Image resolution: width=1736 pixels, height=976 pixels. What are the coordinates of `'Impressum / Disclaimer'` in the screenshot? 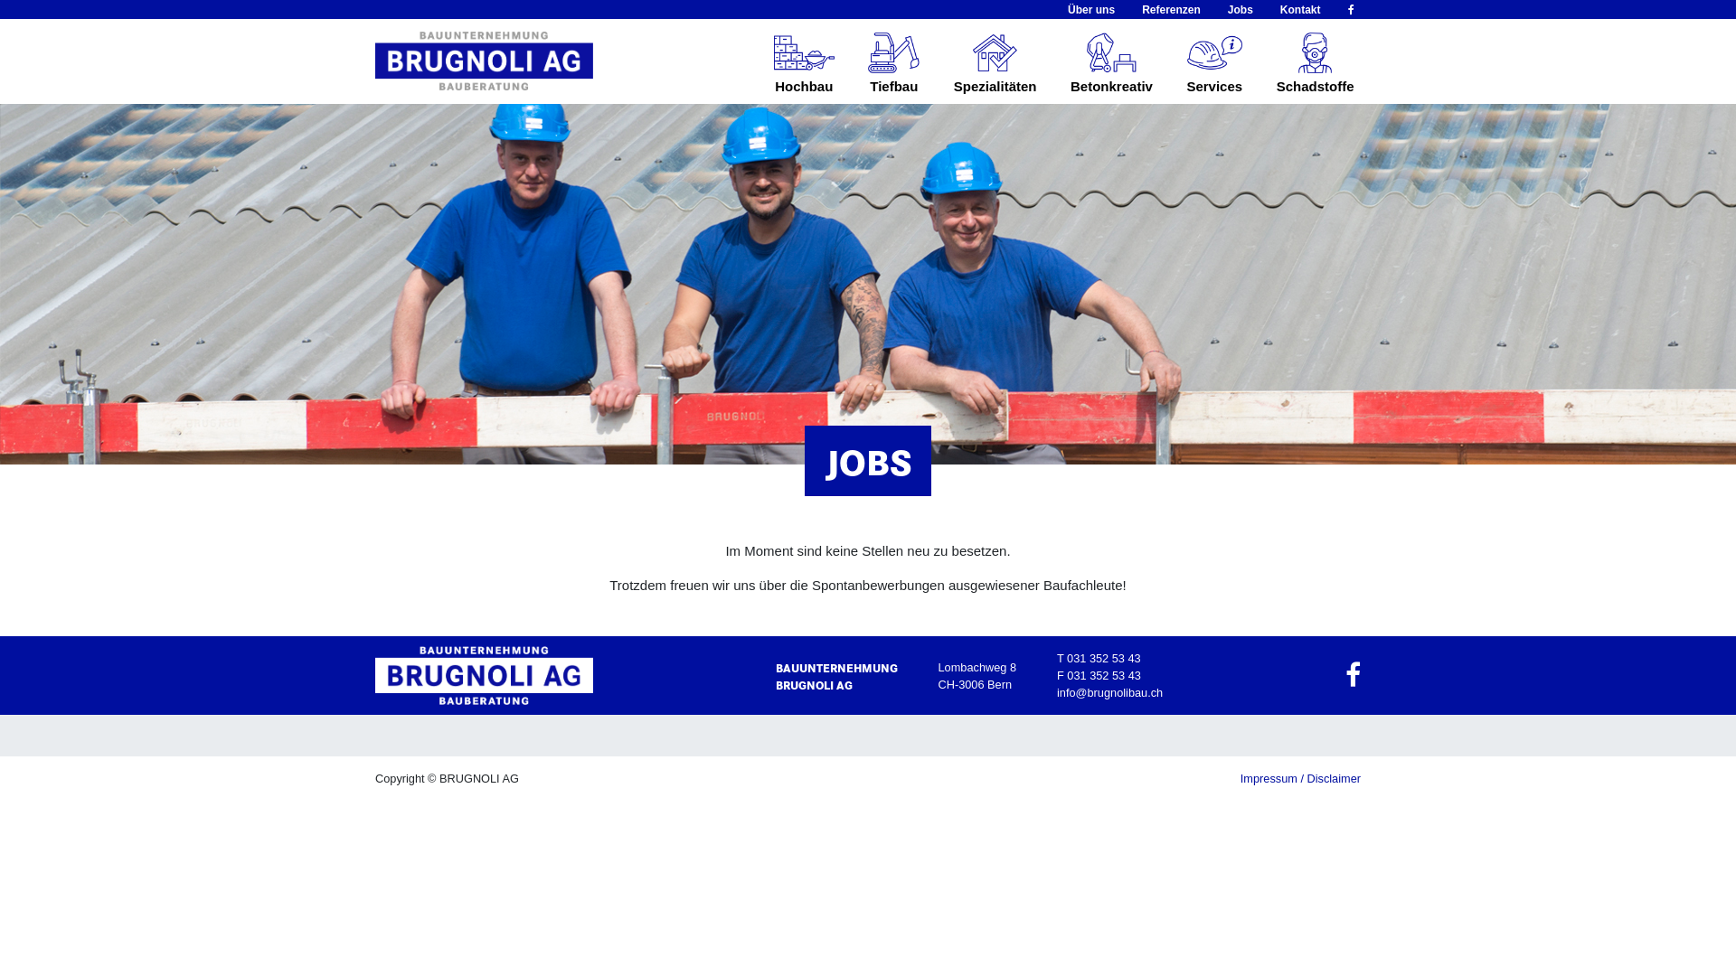 It's located at (1299, 777).